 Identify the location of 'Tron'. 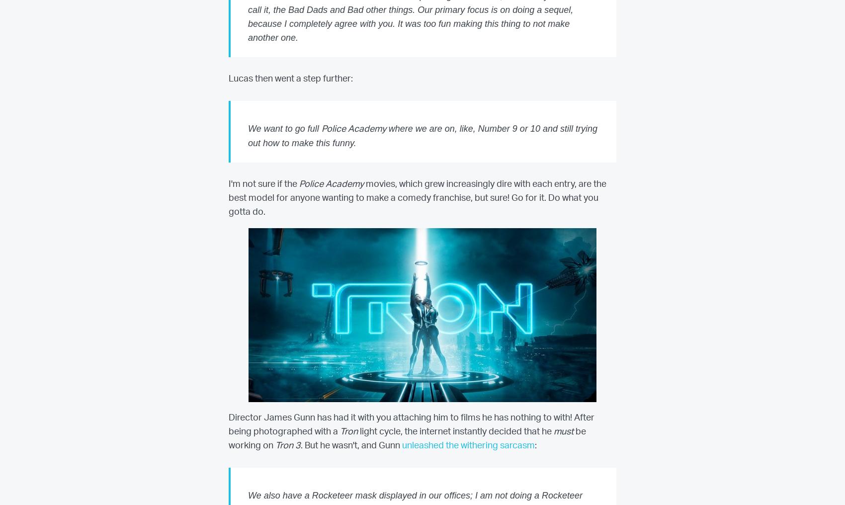
(348, 431).